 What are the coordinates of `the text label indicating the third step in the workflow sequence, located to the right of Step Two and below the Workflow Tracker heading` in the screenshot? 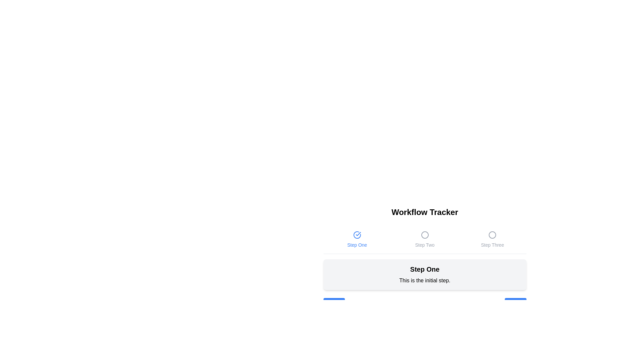 It's located at (492, 245).